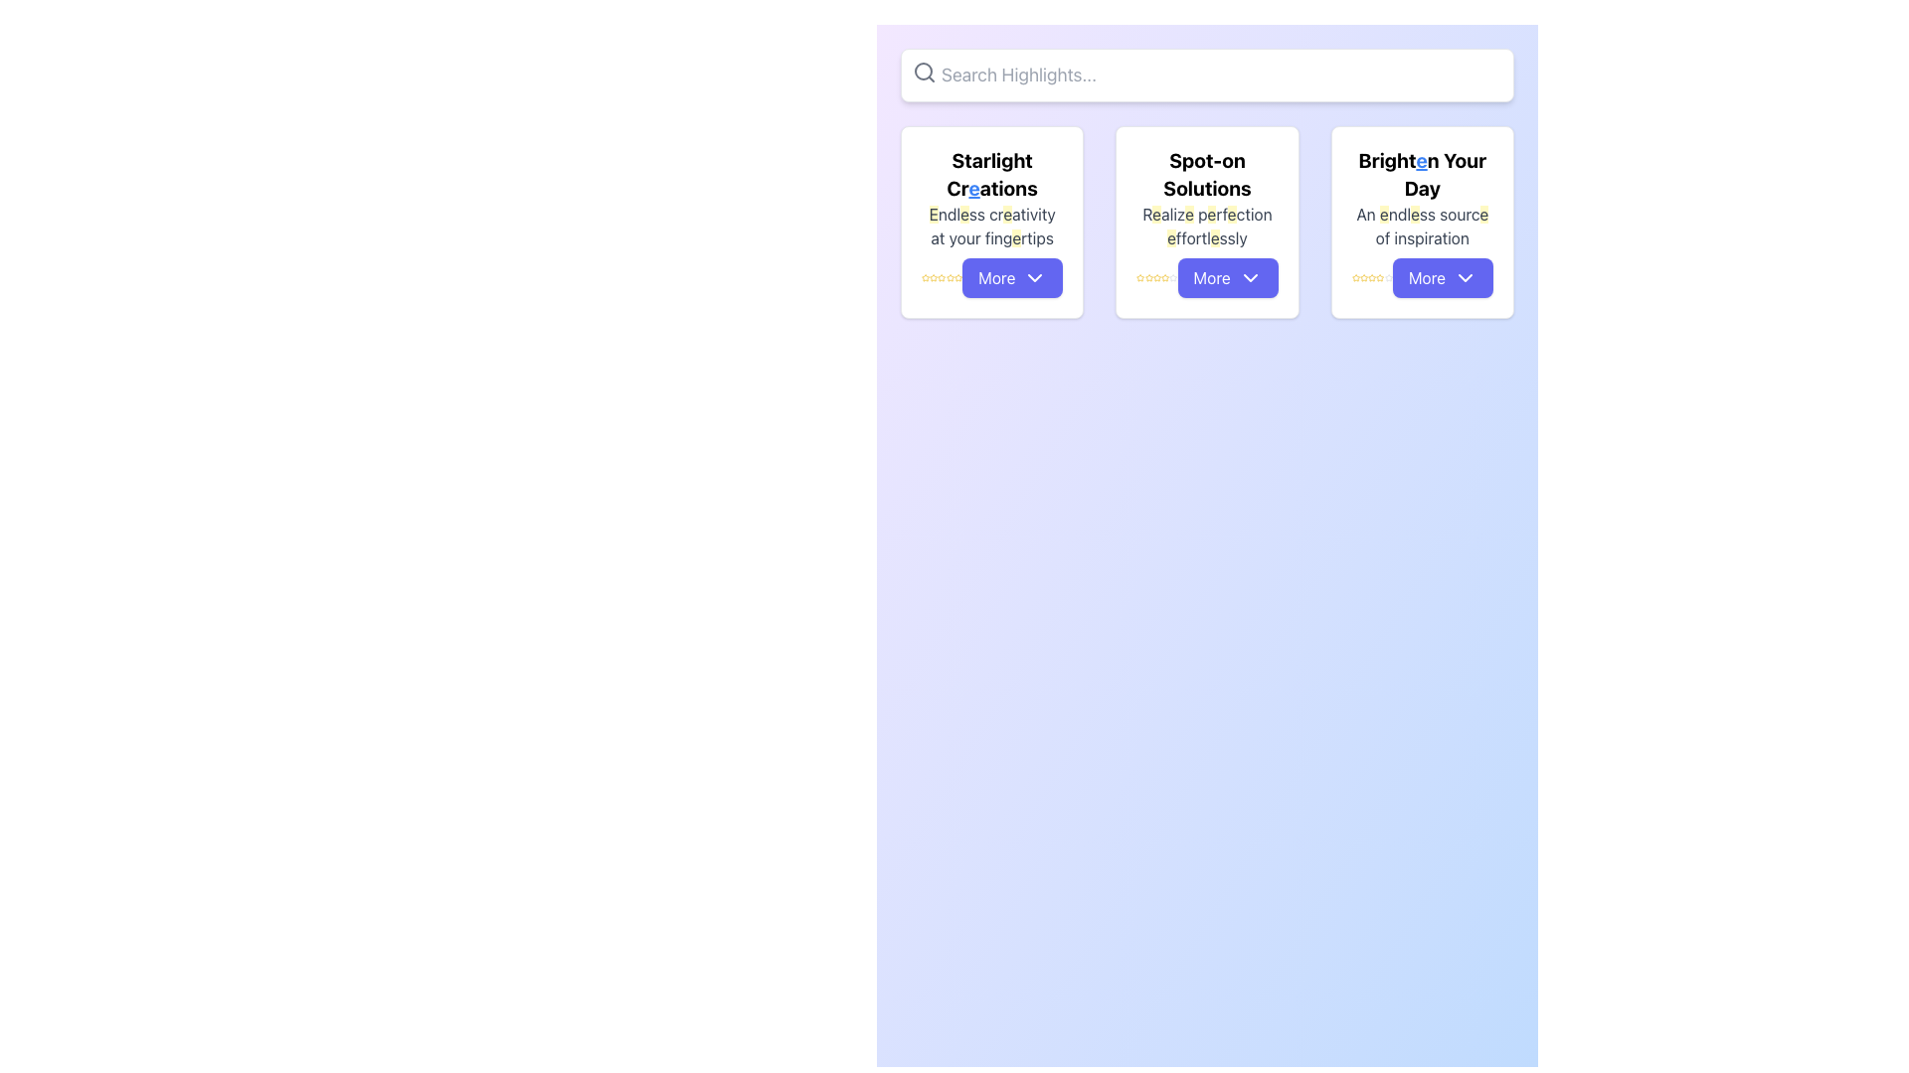  What do you see at coordinates (1140, 278) in the screenshot?
I see `the first star in the rating component under the 'Spot-on Solutions' header in the middle card of three cards displayed in a grid layout` at bounding box center [1140, 278].